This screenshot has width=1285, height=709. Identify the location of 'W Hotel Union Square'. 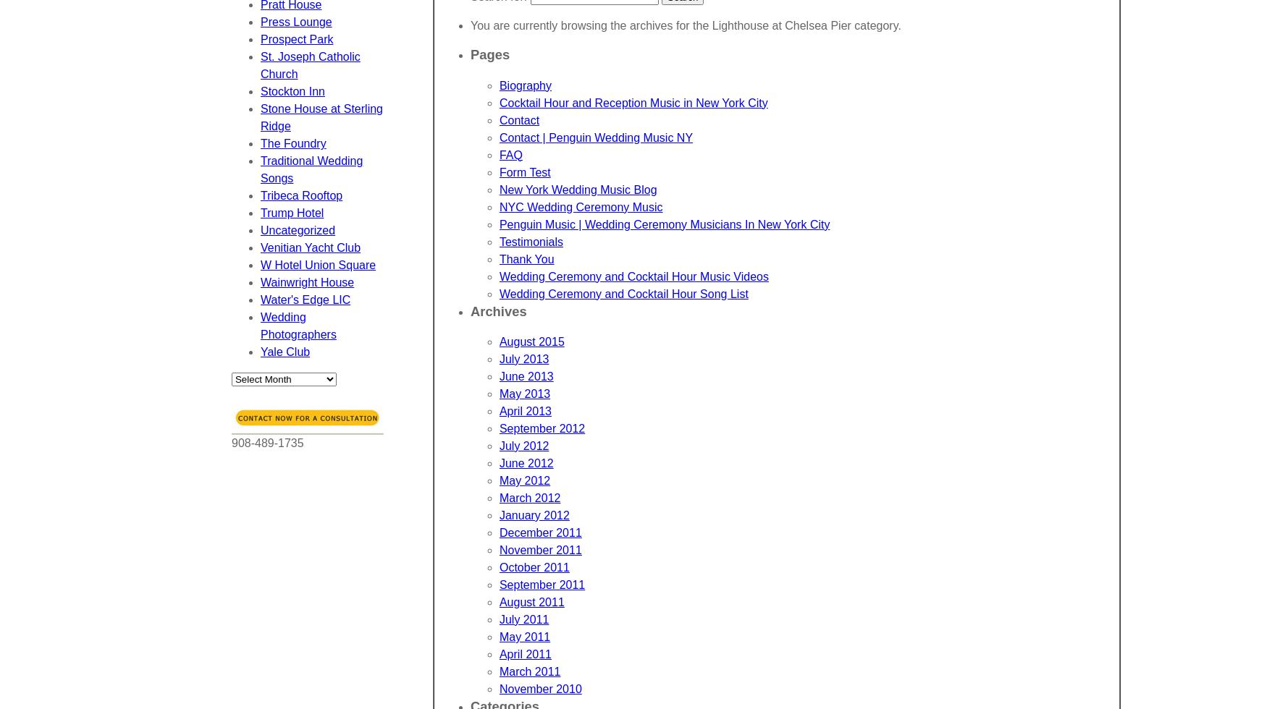
(259, 265).